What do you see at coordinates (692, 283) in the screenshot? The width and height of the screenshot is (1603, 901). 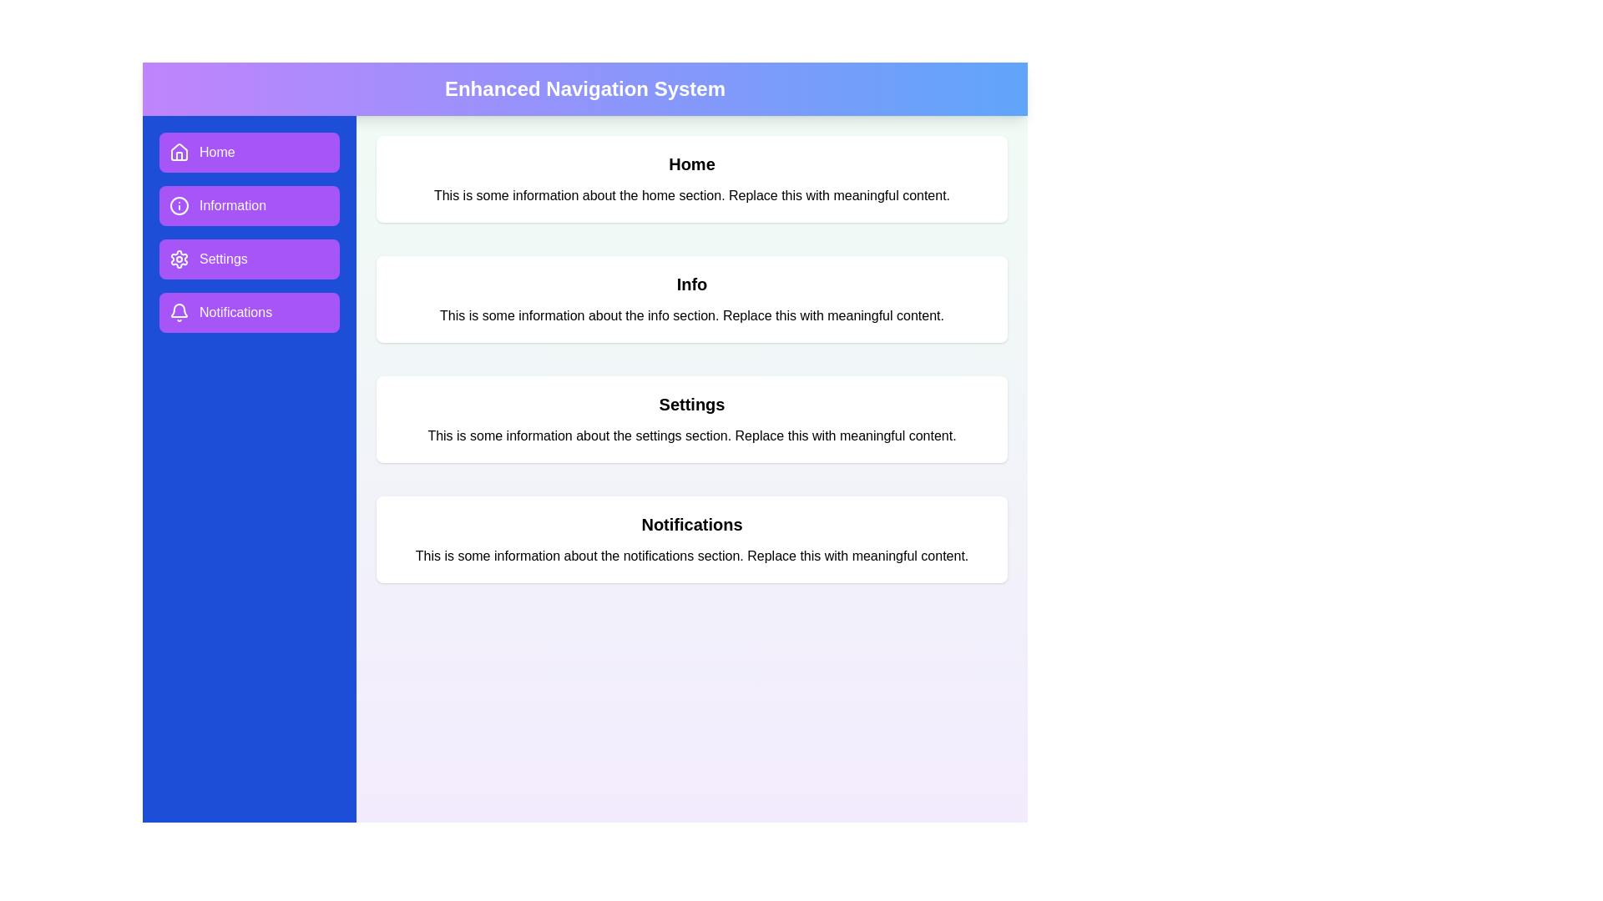 I see `the 'Info' text label which serves as a heading for the Info section of the interface` at bounding box center [692, 283].